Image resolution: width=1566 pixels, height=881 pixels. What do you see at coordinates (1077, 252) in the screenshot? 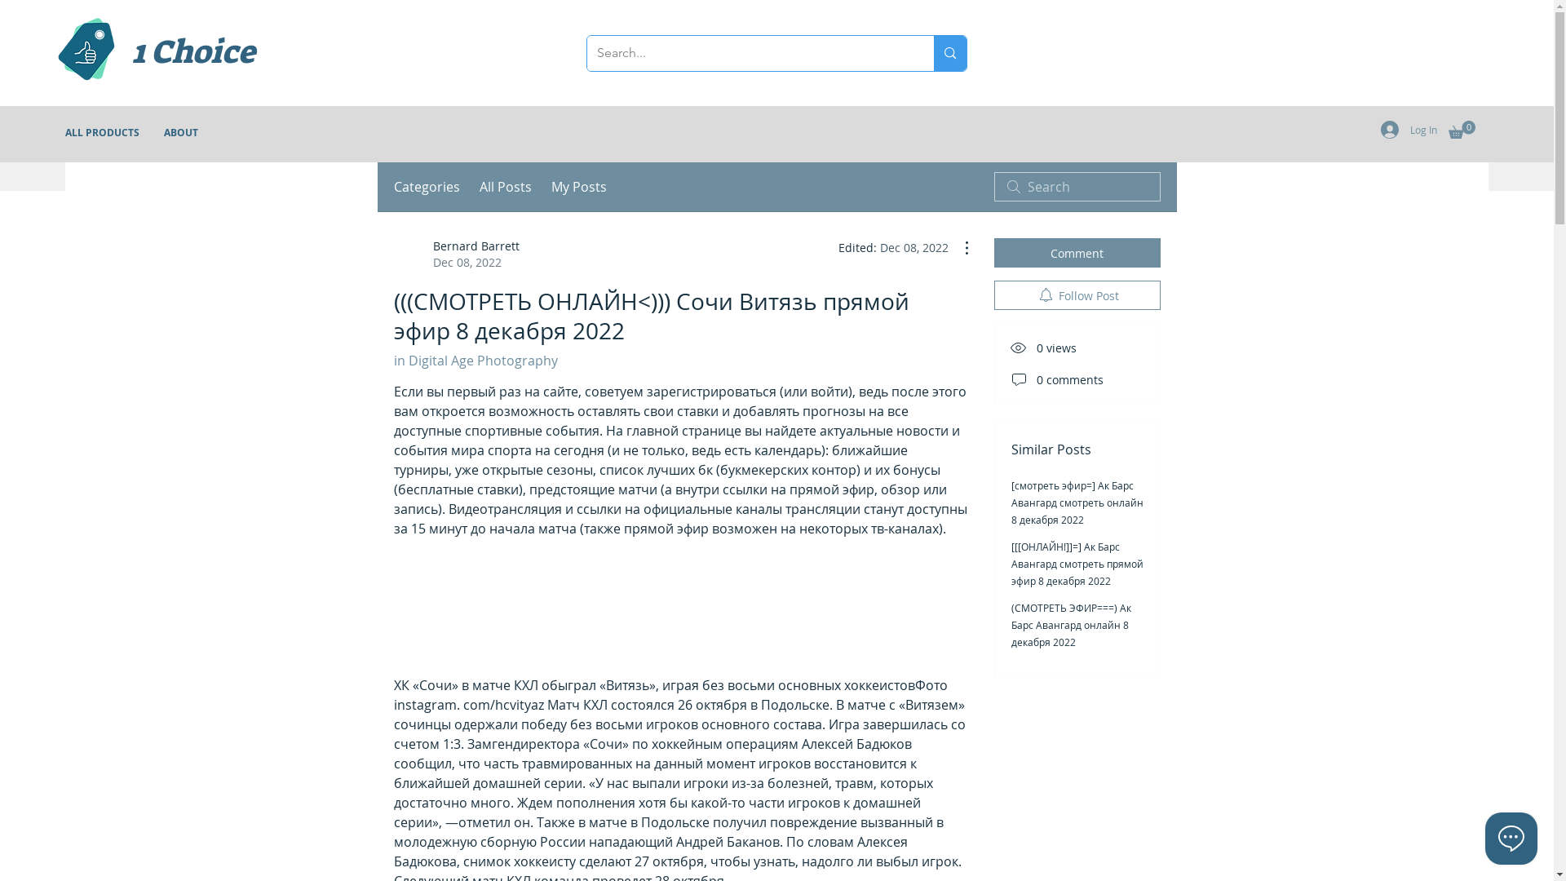
I see `'Comment'` at bounding box center [1077, 252].